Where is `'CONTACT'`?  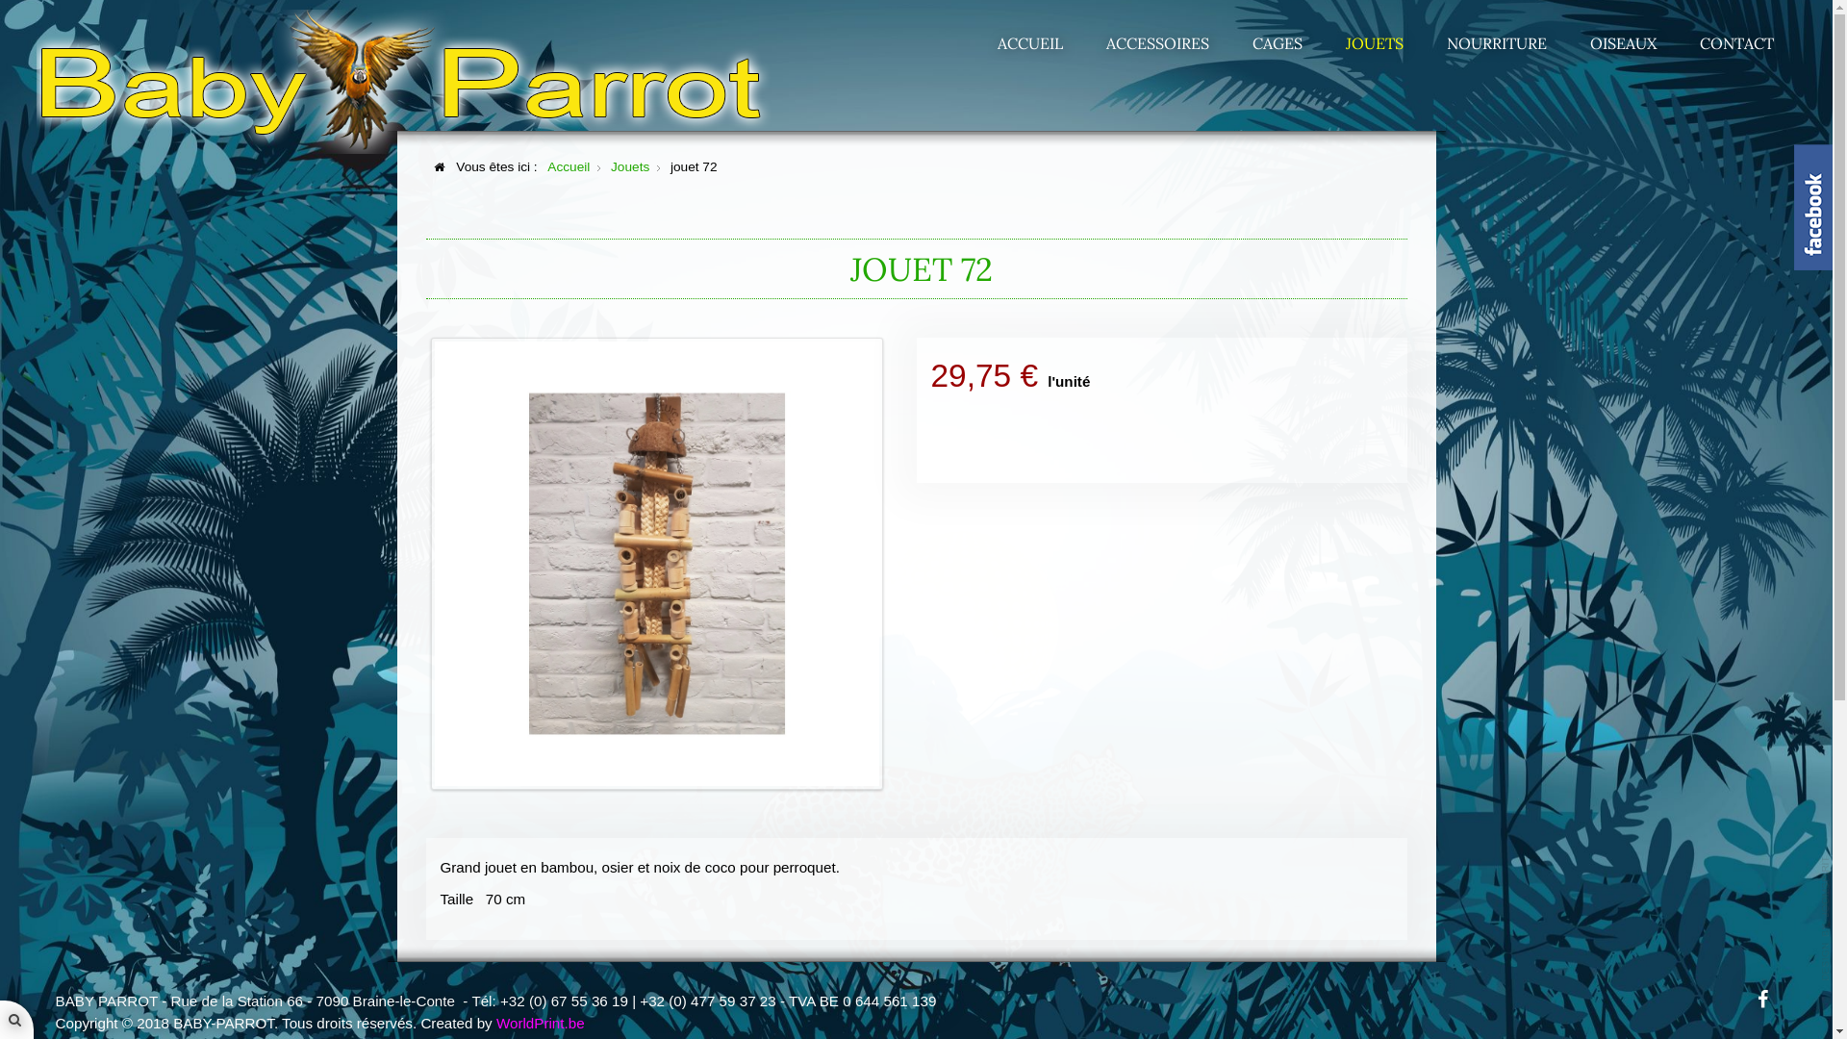
'CONTACT' is located at coordinates (1678, 43).